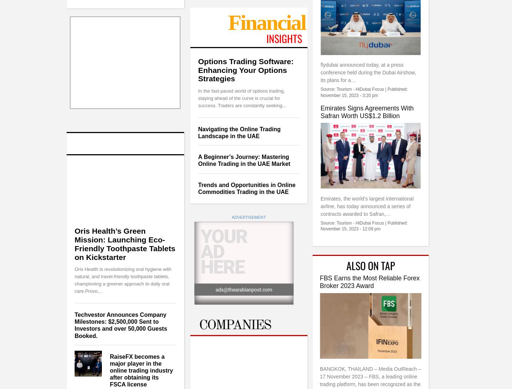 This screenshot has width=512, height=389. Describe the element at coordinates (349, 95) in the screenshot. I see `'November 15, 2023 - 3:20 pm'` at that location.